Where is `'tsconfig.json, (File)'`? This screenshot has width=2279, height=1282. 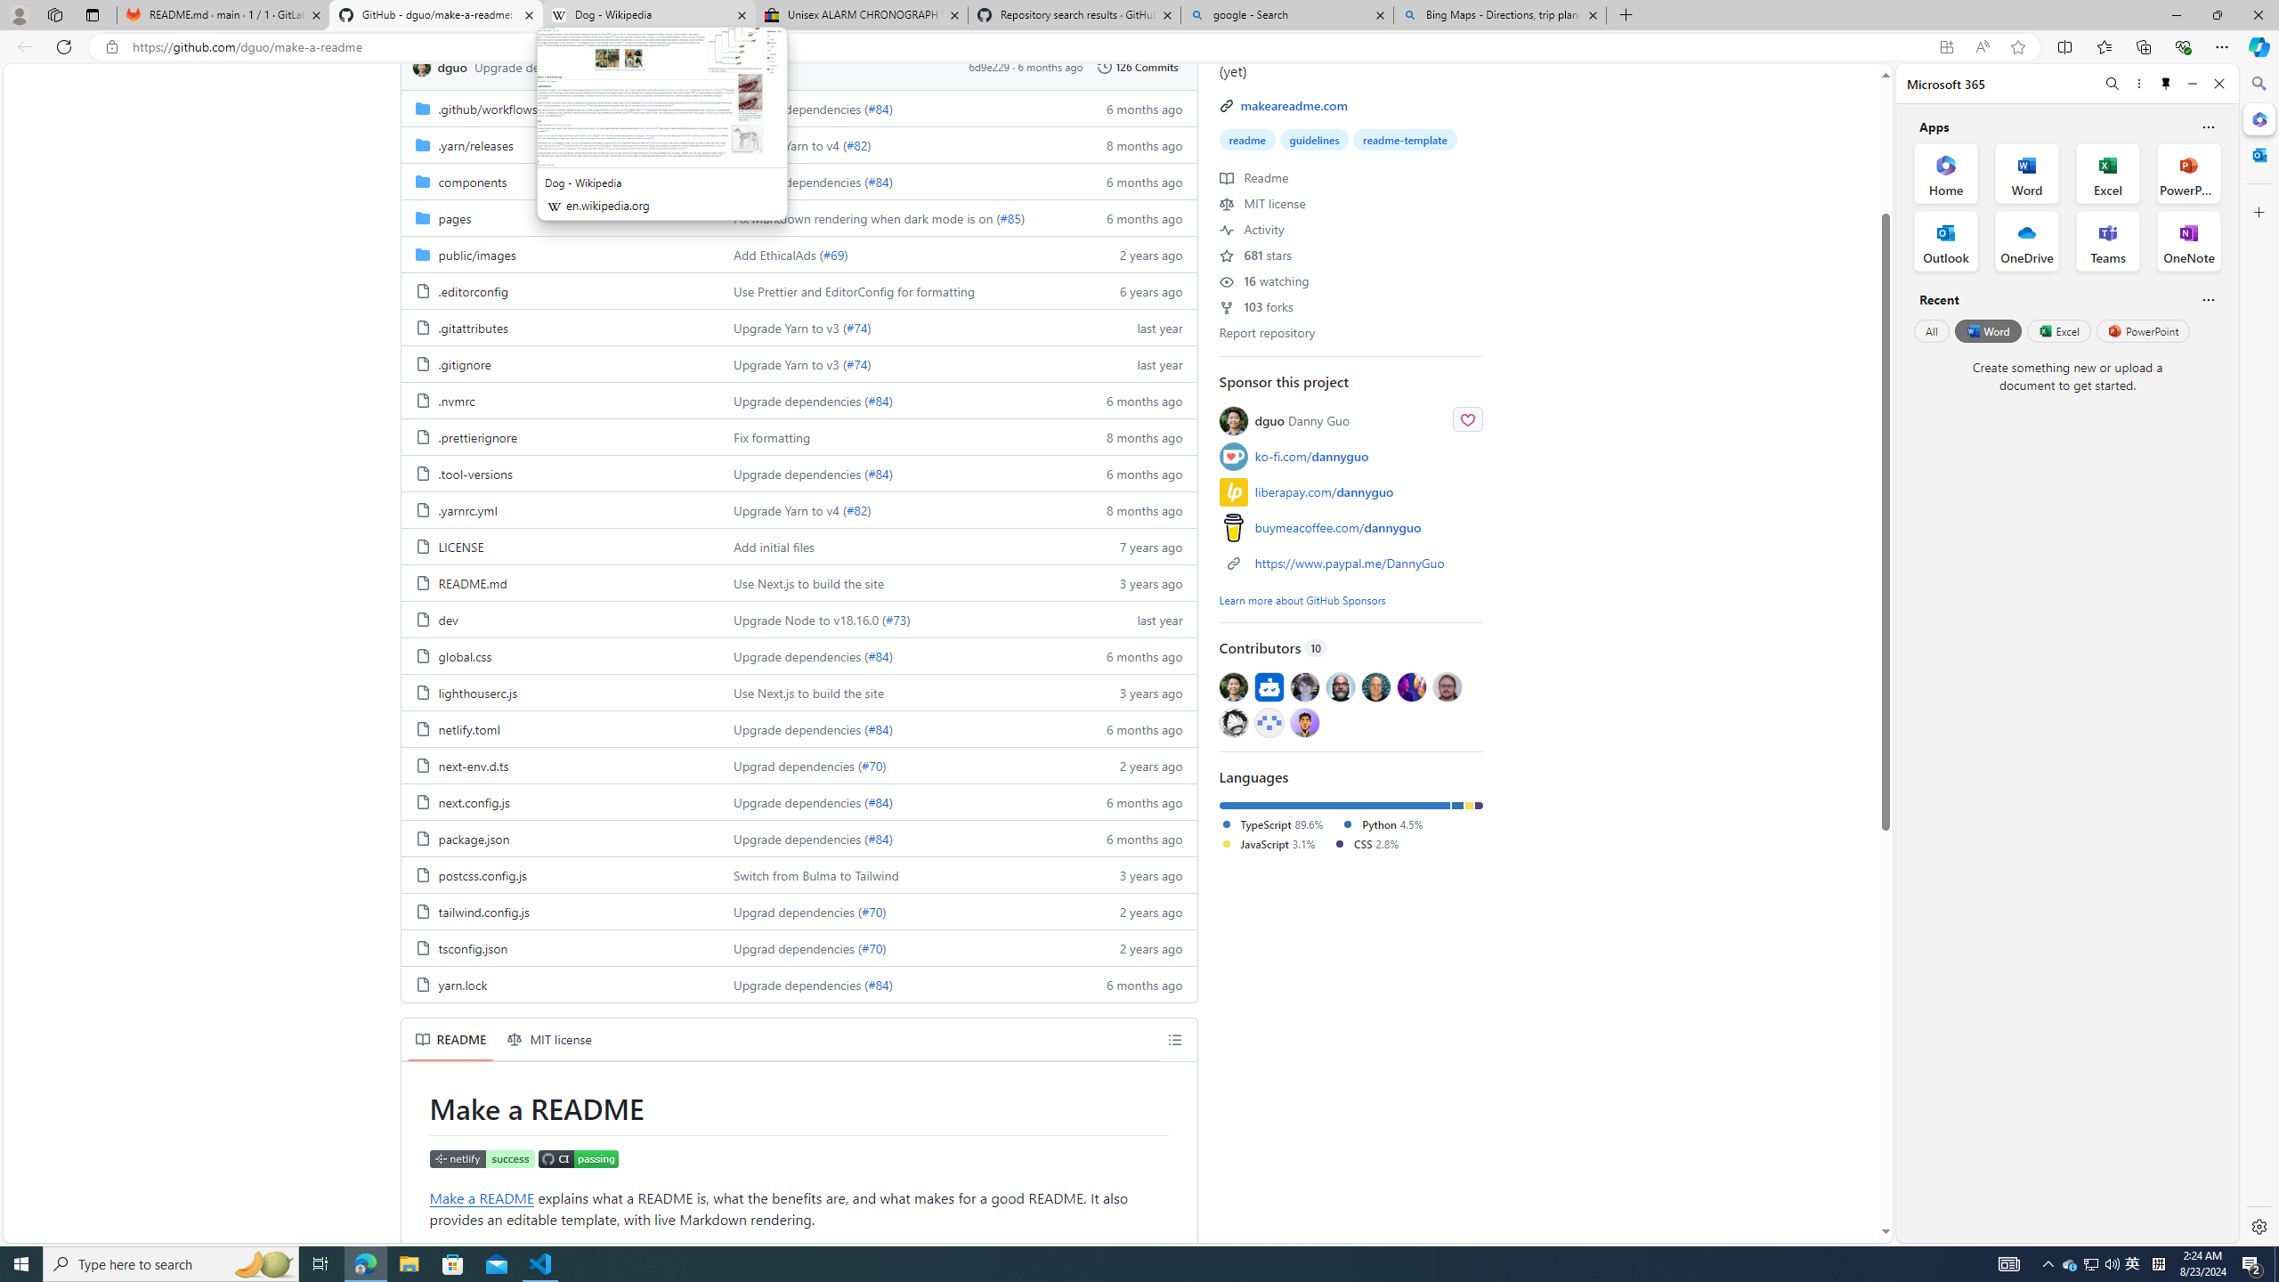
'tsconfig.json, (File)' is located at coordinates (559, 947).